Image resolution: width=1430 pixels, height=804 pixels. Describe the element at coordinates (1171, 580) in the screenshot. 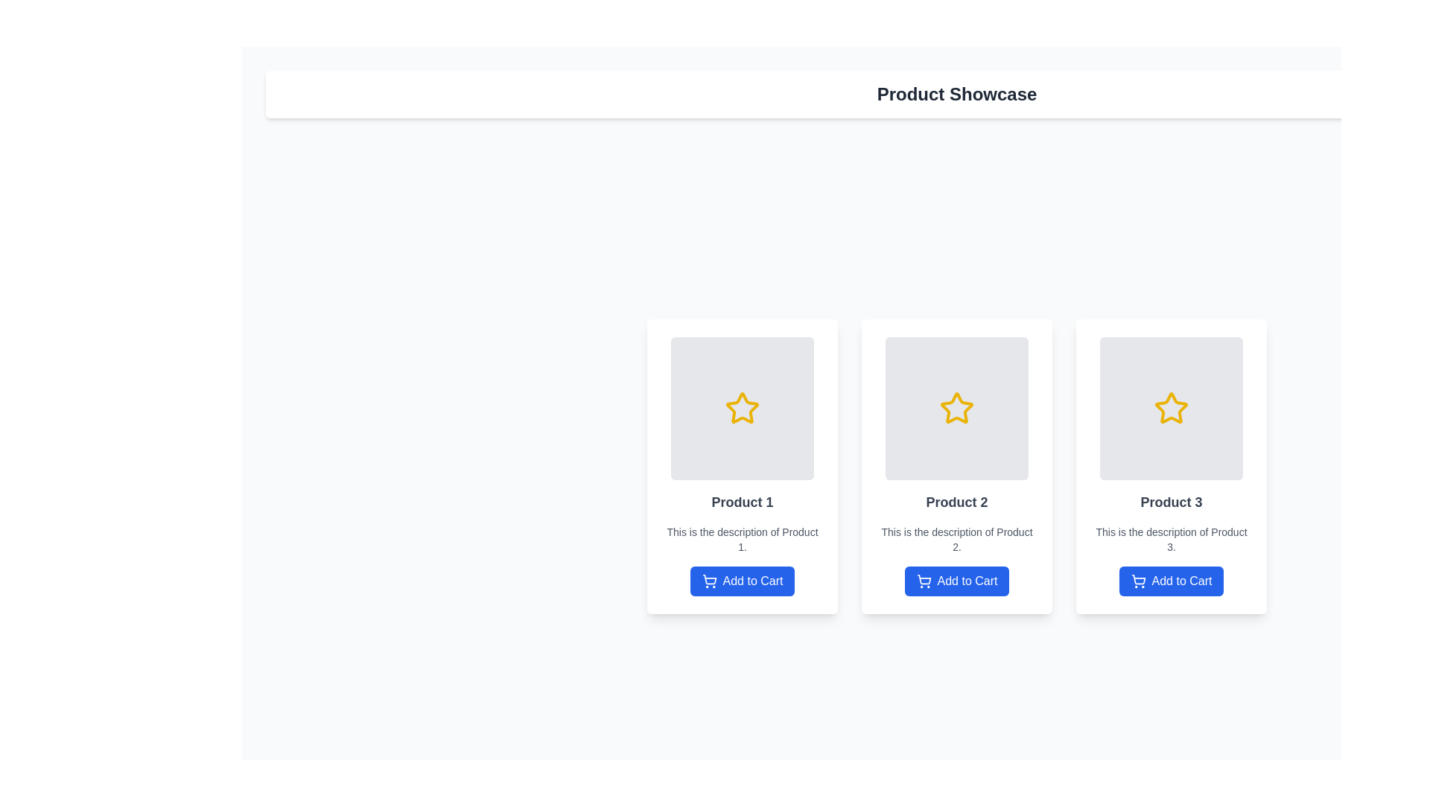

I see `the 'Add to Cart' button for 'Product 3', which is a blue rectangular button with rounded corners and white text` at that location.